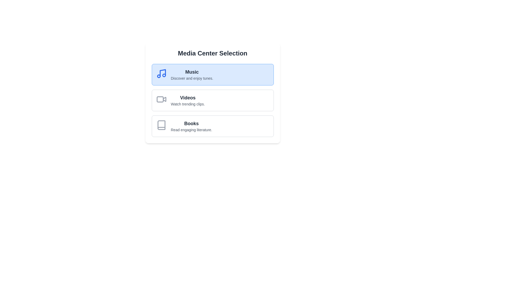 Image resolution: width=505 pixels, height=284 pixels. Describe the element at coordinates (161, 99) in the screenshot. I see `the 'Videos' icon located in the second entry of the vertical selection menu, positioned to the left of the 'Videos' title and description text` at that location.